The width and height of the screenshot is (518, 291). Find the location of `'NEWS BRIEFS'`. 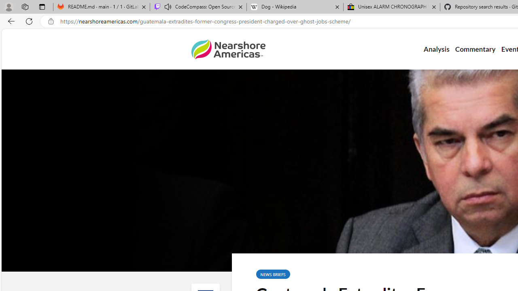

'NEWS BRIEFS' is located at coordinates (273, 274).